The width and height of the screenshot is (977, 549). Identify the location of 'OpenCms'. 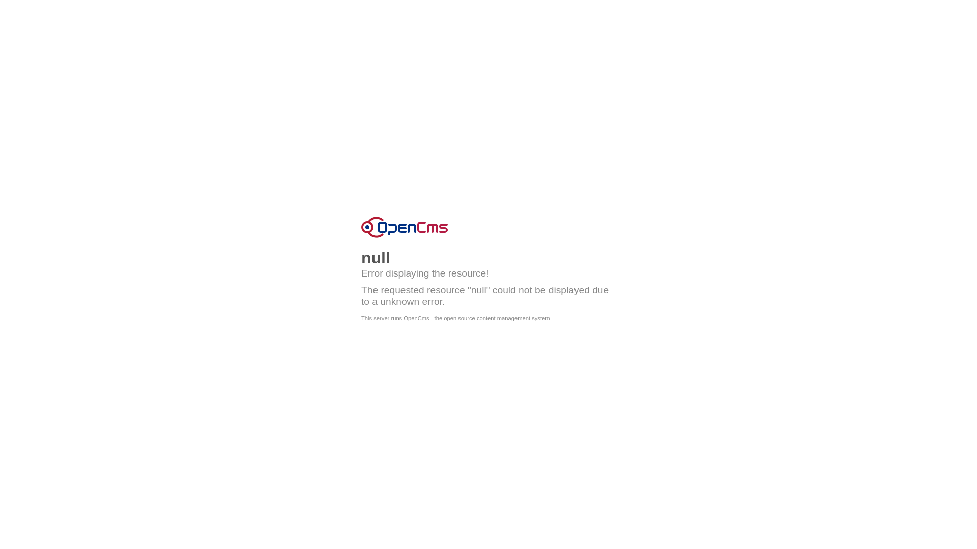
(404, 227).